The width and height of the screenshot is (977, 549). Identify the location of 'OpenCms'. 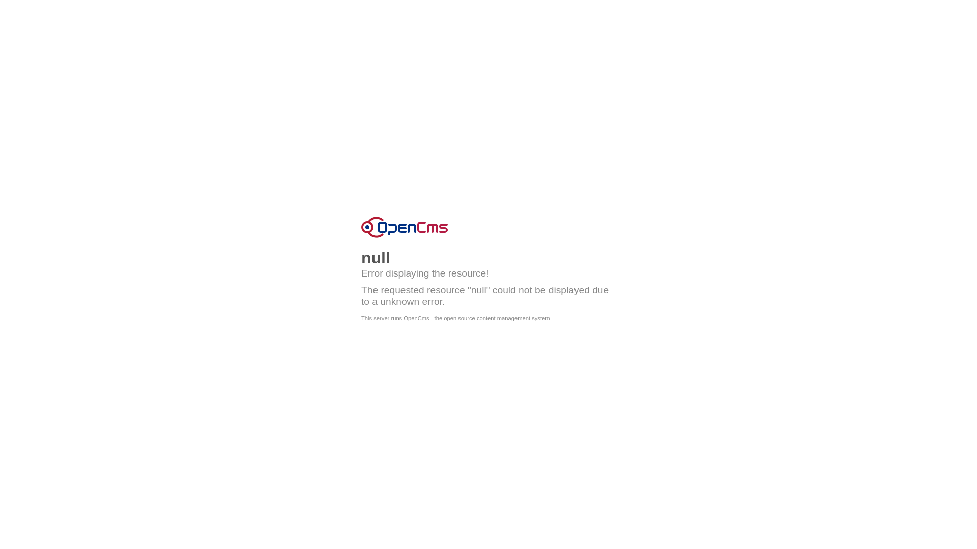
(404, 227).